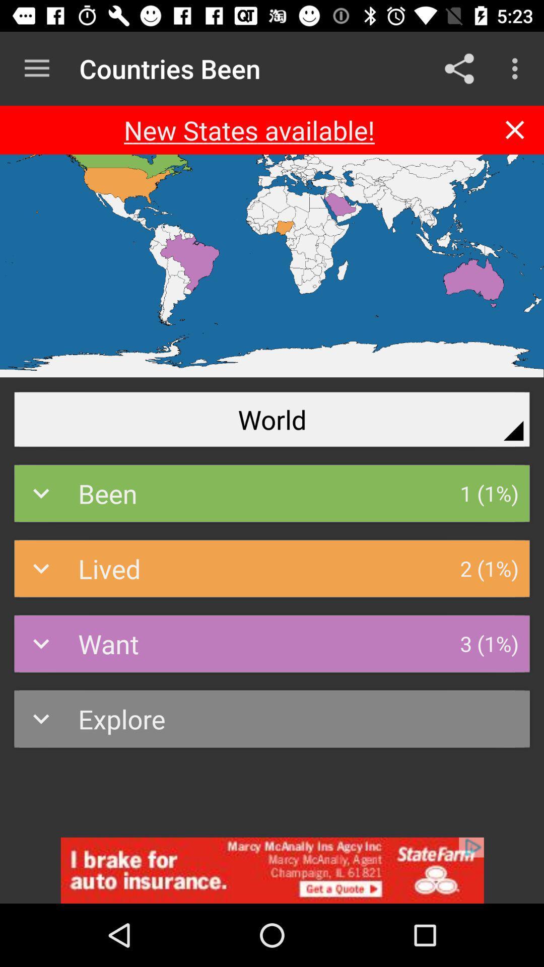 Image resolution: width=544 pixels, height=967 pixels. What do you see at coordinates (515, 129) in the screenshot?
I see `menu page` at bounding box center [515, 129].